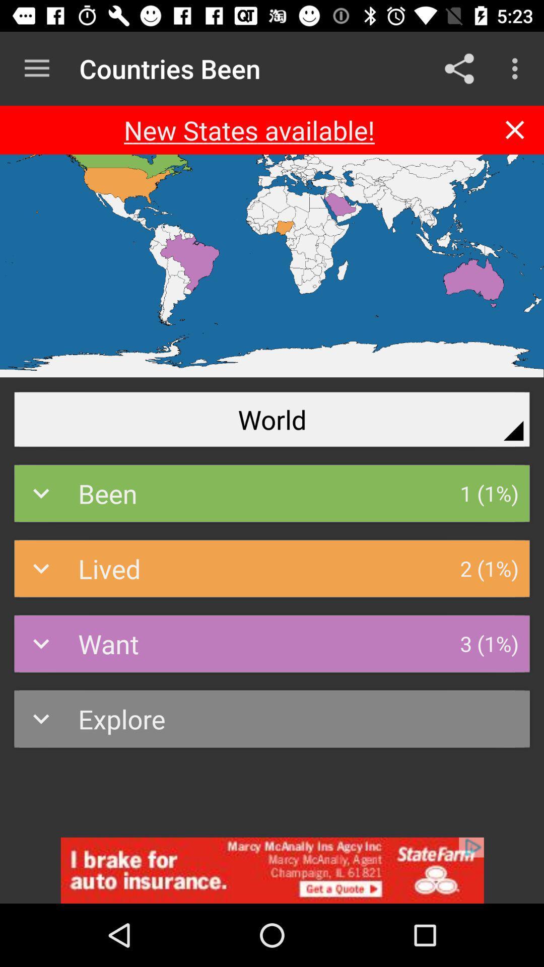 Image resolution: width=544 pixels, height=967 pixels. What do you see at coordinates (515, 129) in the screenshot?
I see `menu page` at bounding box center [515, 129].